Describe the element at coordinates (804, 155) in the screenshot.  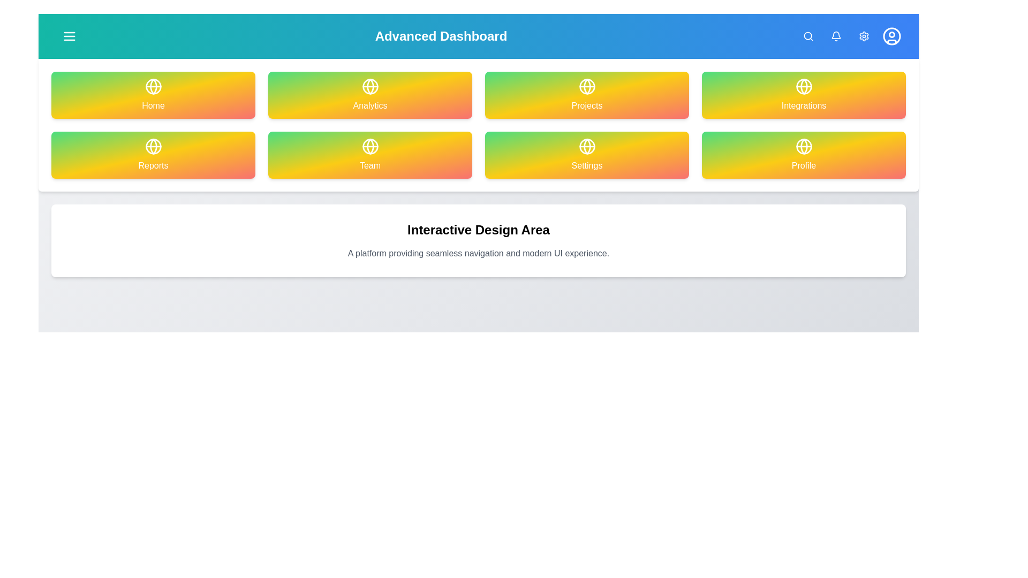
I see `the navigation item labeled Profile` at that location.